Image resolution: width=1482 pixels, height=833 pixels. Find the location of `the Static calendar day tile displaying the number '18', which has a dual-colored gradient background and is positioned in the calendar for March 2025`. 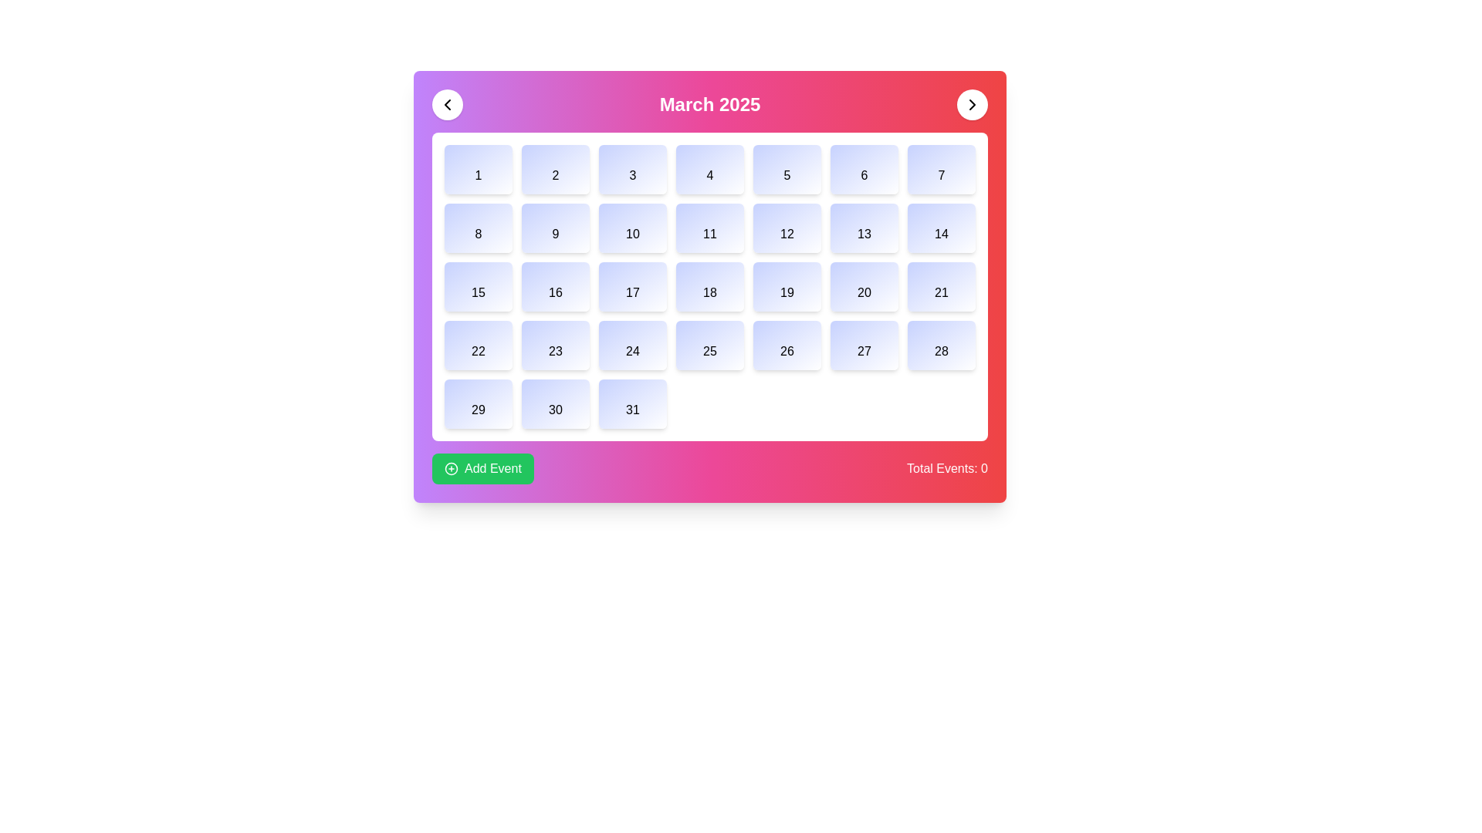

the Static calendar day tile displaying the number '18', which has a dual-colored gradient background and is positioned in the calendar for March 2025 is located at coordinates (709, 286).